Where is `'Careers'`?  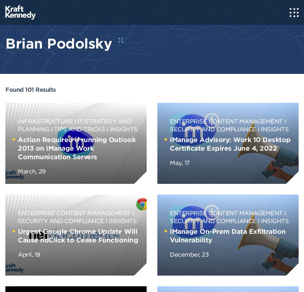
'Careers' is located at coordinates (5, 70).